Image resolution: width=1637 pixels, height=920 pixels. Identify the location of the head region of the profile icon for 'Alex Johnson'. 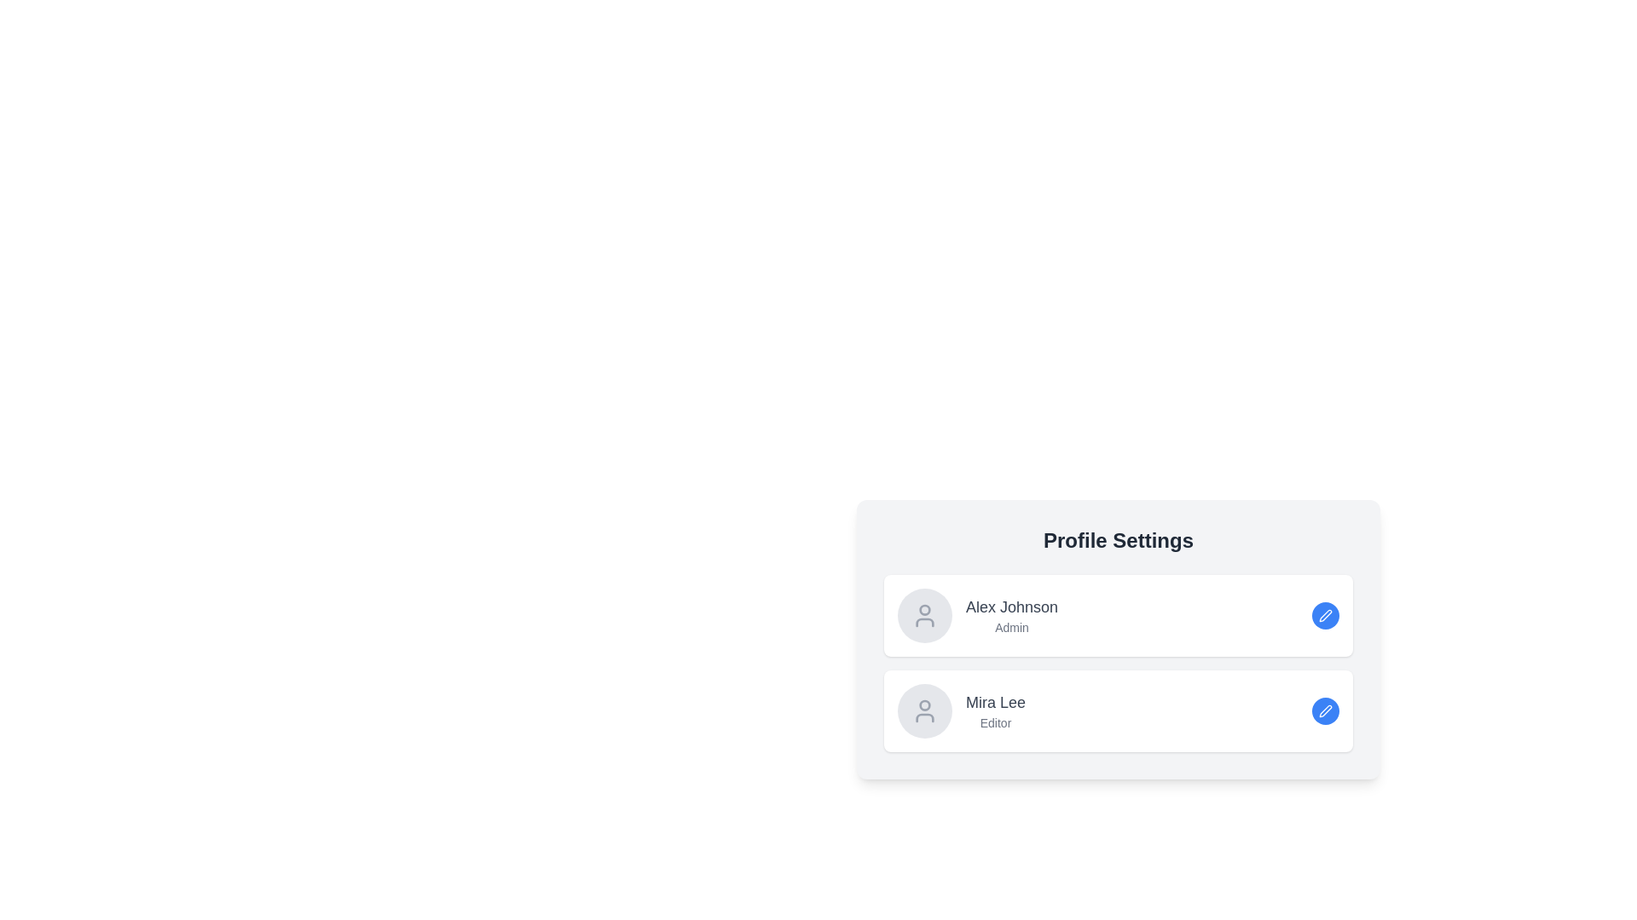
(923, 609).